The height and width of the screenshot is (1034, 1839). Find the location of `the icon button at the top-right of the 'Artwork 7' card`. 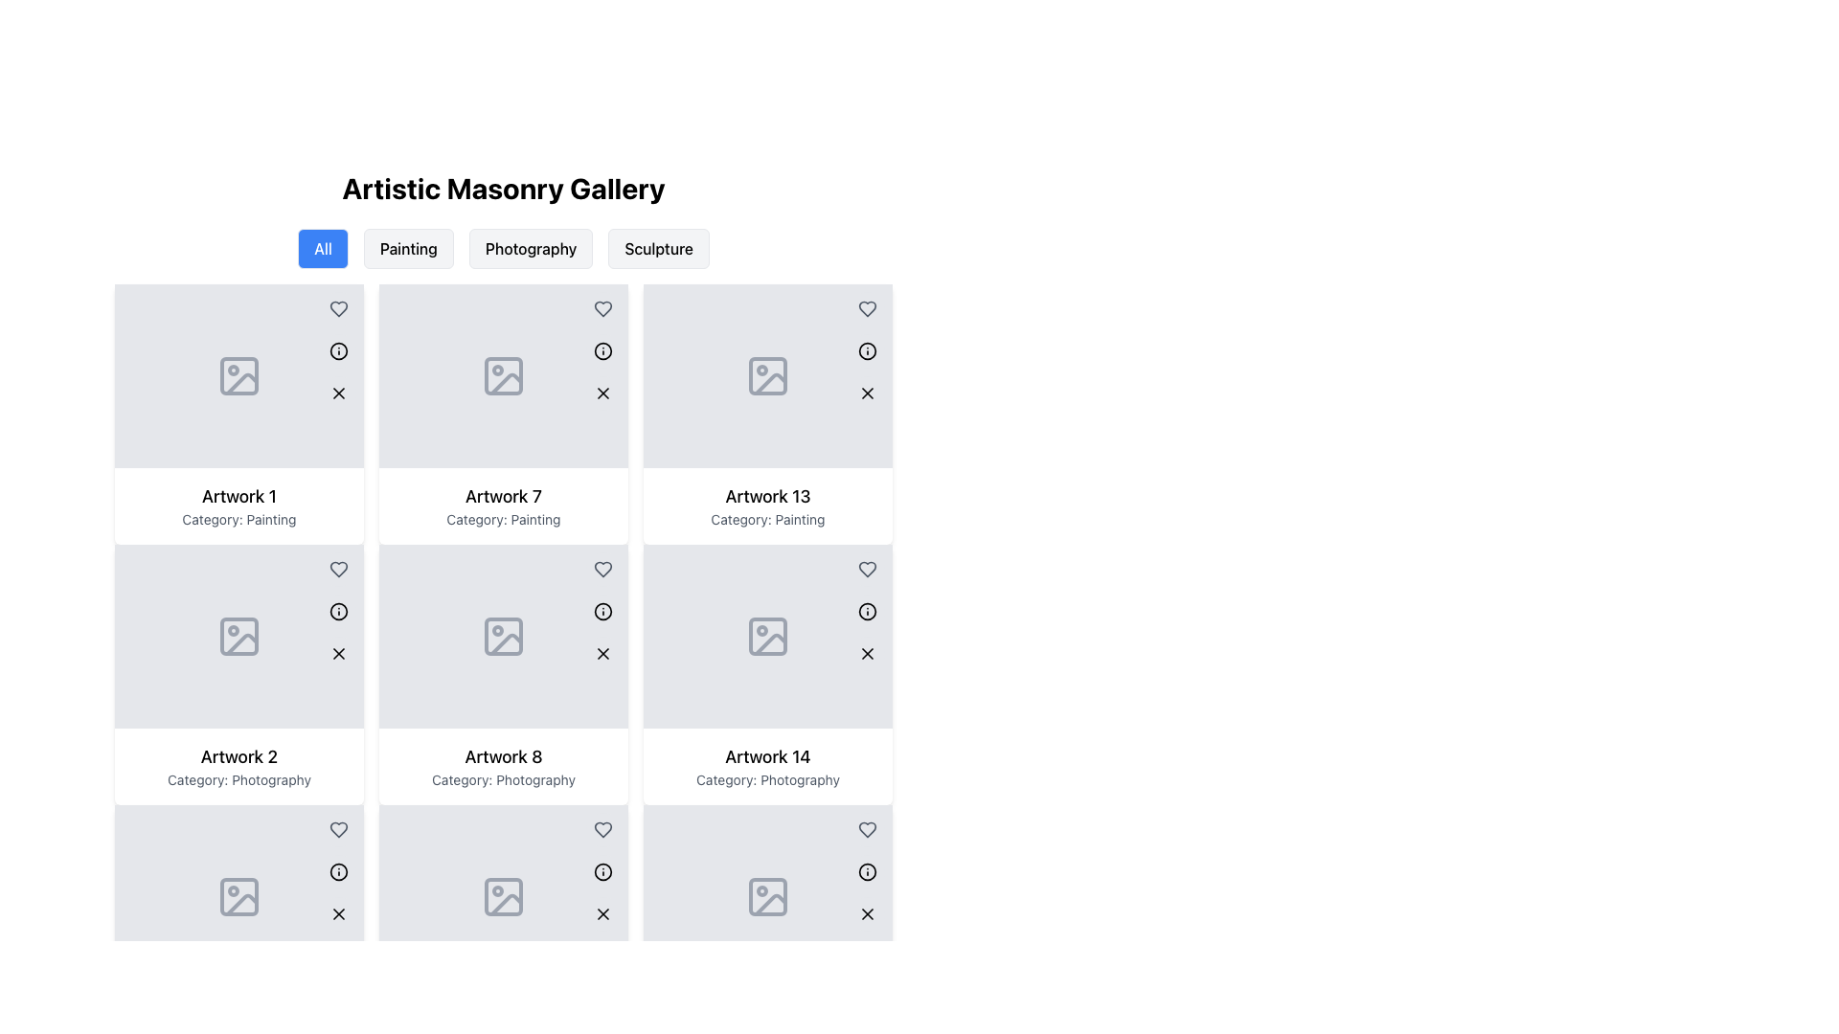

the icon button at the top-right of the 'Artwork 7' card is located at coordinates (602, 393).